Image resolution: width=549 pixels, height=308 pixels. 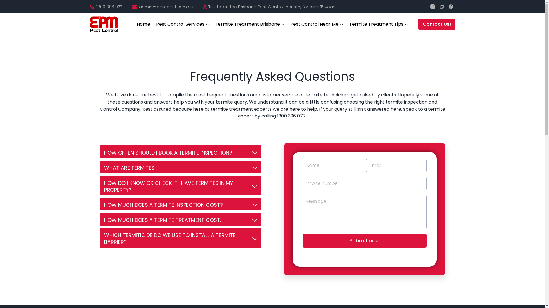 What do you see at coordinates (182, 24) in the screenshot?
I see `'Pest Control Services'` at bounding box center [182, 24].